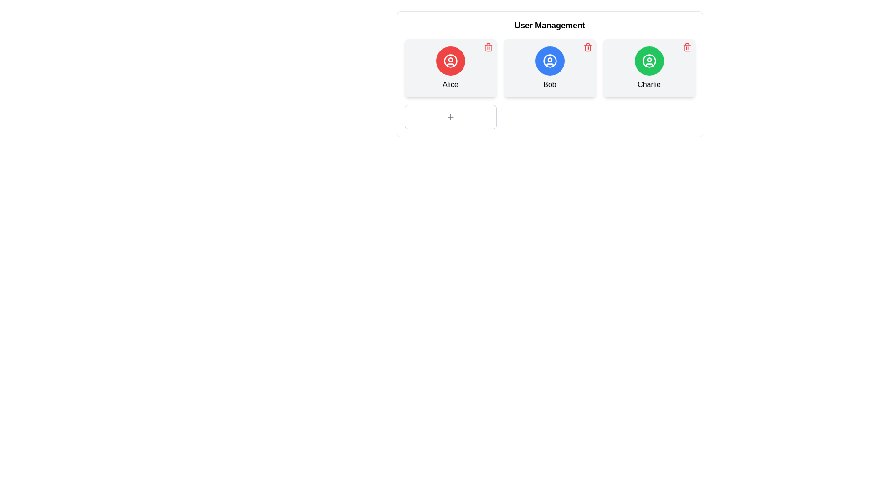 Image resolution: width=875 pixels, height=492 pixels. What do you see at coordinates (649, 61) in the screenshot?
I see `the profile icon representing the user 'Charlie' located in the third card of the 'User Management' section` at bounding box center [649, 61].